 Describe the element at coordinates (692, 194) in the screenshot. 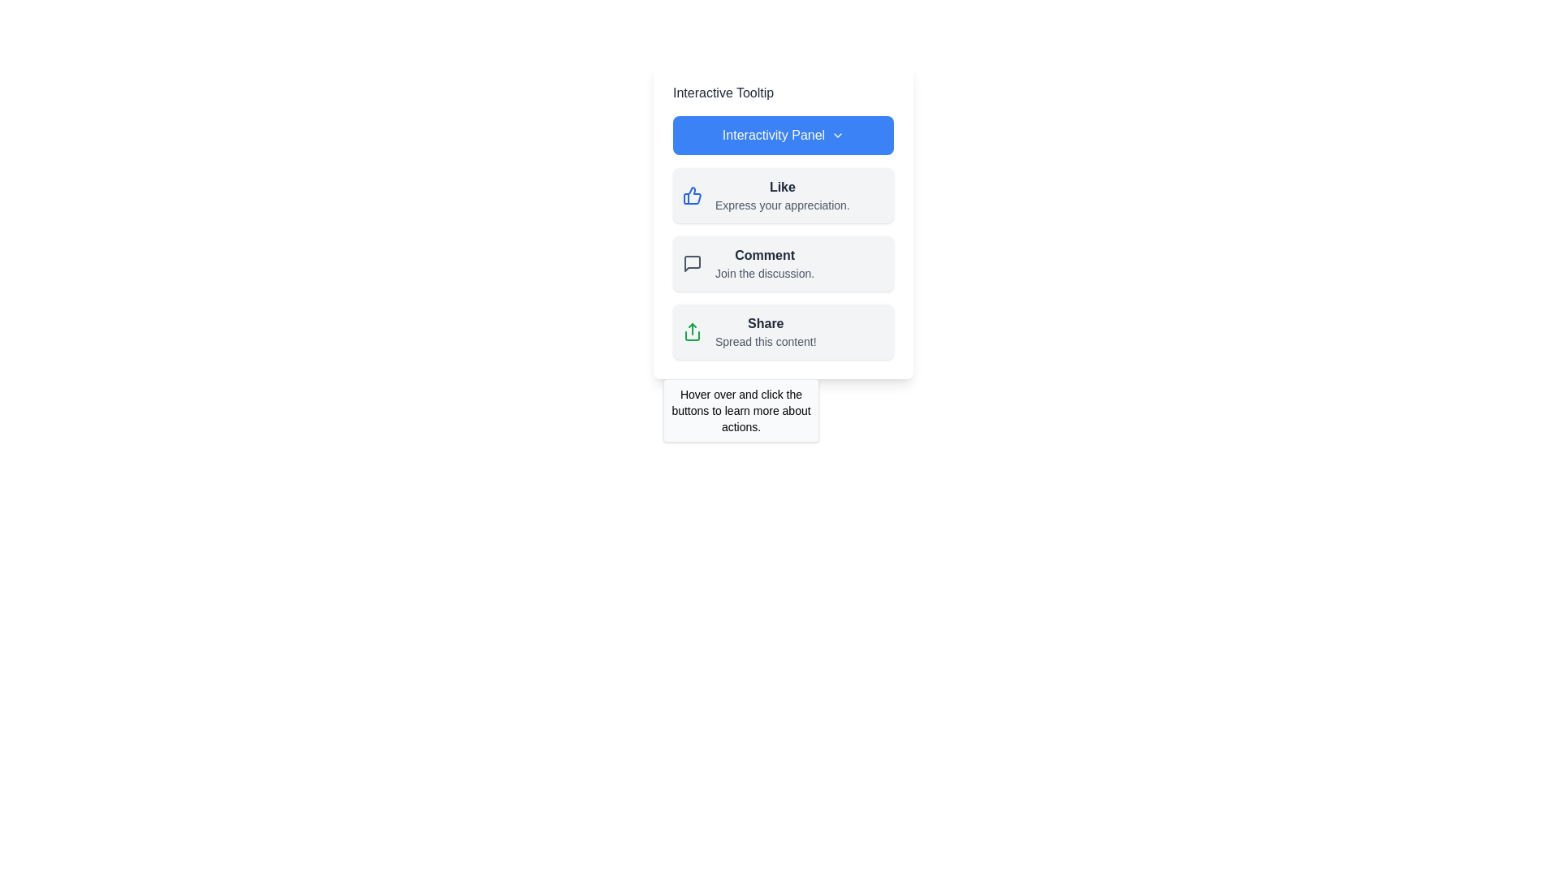

I see `the 'Like' icon located in the topmost button section of the interactive tooltip interface, directly below the 'Interactivity Panel' dropdown to interact with it` at that location.